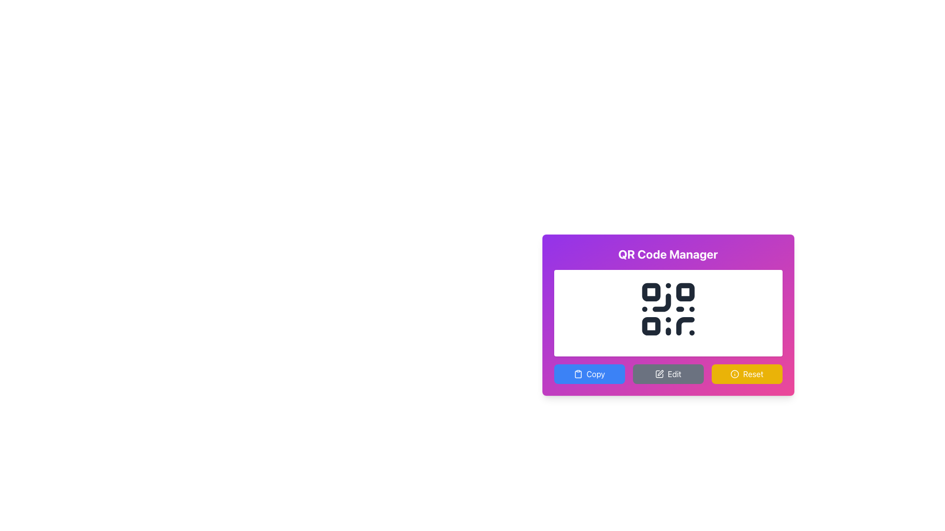  I want to click on the first rounded square in the QR code graphic located in the upper-left corner of the QR Code Manager widget, so click(651, 292).